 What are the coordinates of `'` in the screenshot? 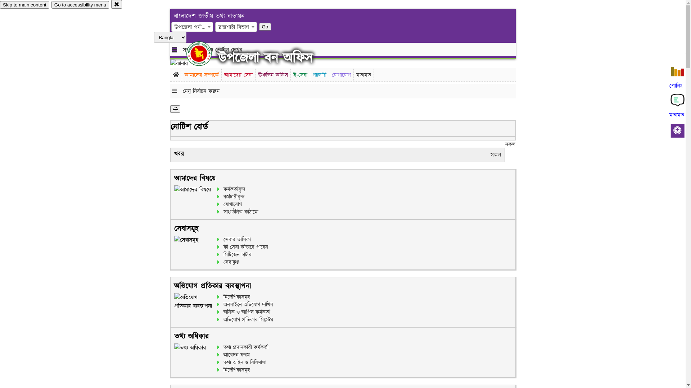 It's located at (205, 53).